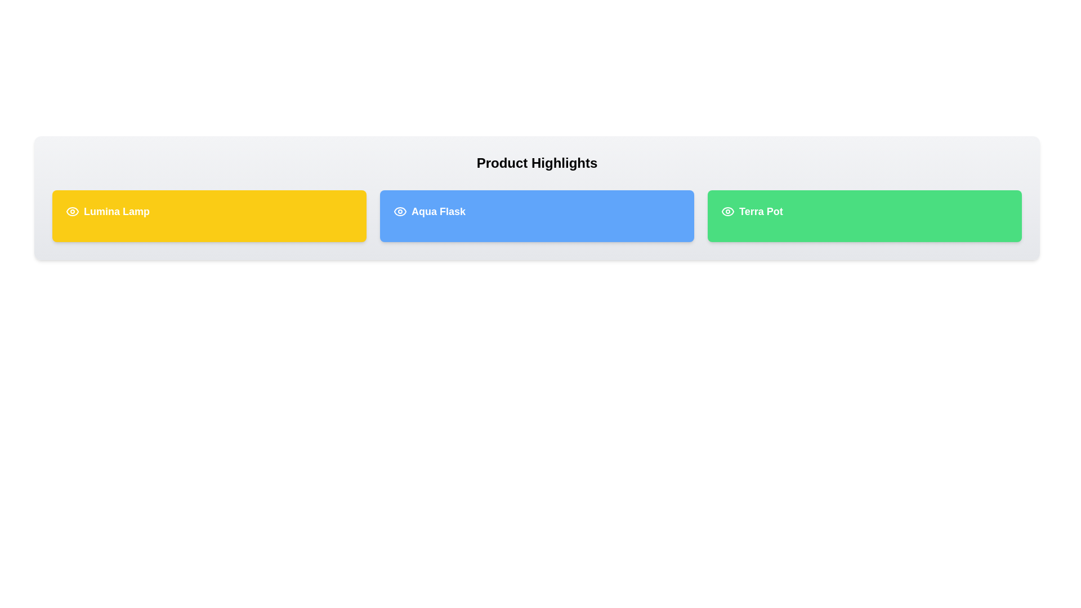 The height and width of the screenshot is (608, 1081). Describe the element at coordinates (864, 216) in the screenshot. I see `the green rectangular card labeled 'Terra Pot'` at that location.